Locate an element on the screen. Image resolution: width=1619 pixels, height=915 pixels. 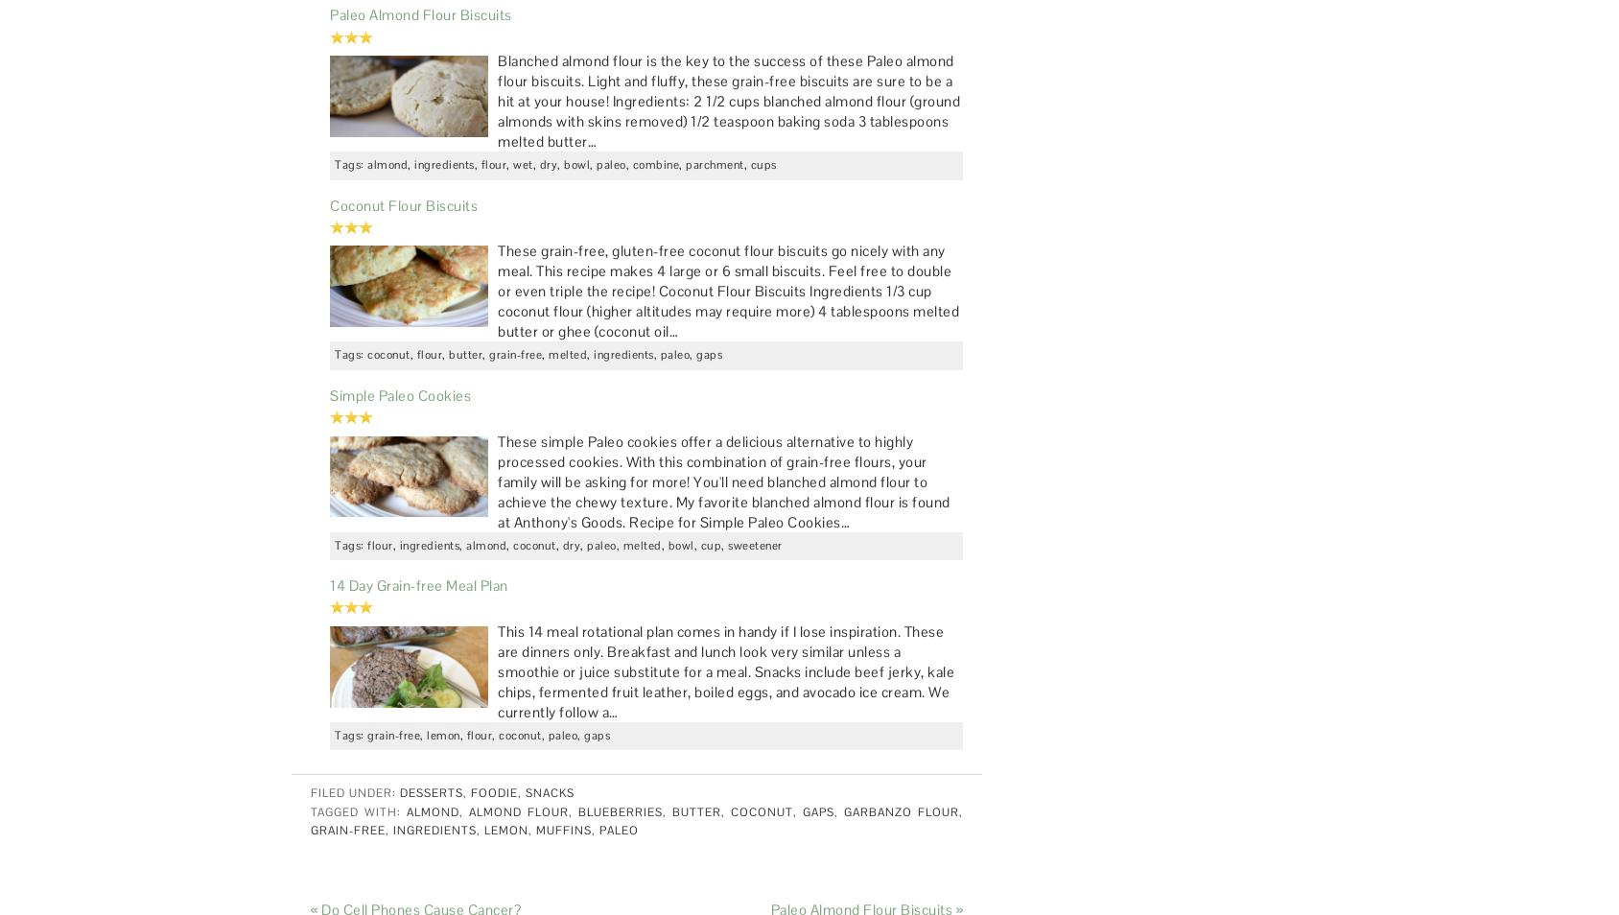
'coconut' is located at coordinates (762, 811).